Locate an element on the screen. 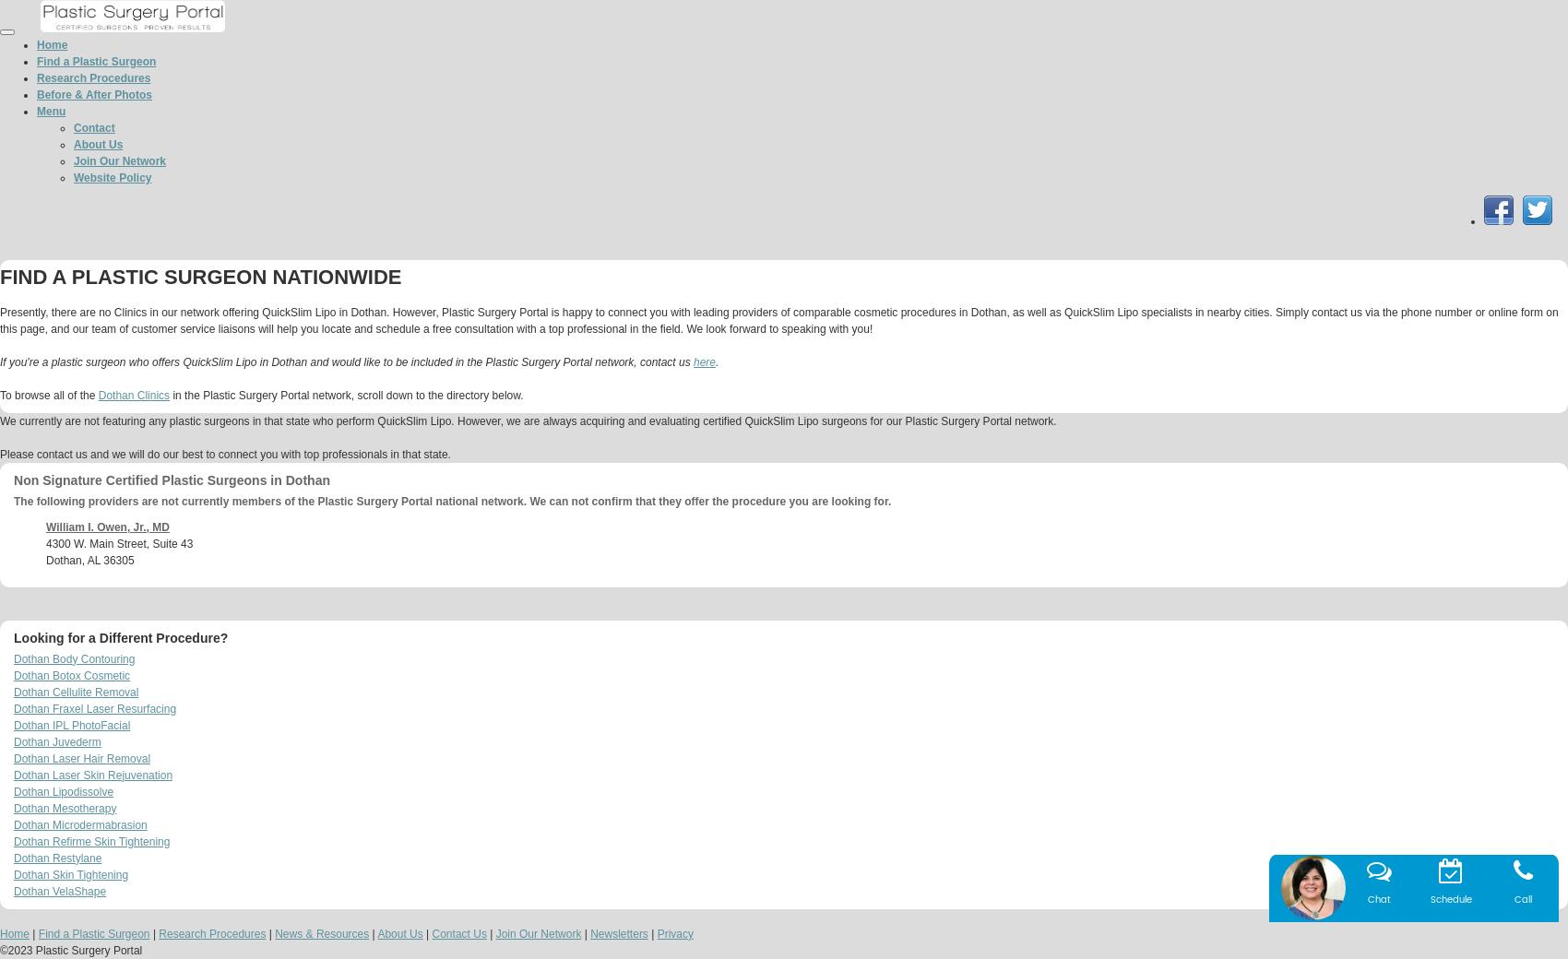  'Dothan IPL PhotoFacial' is located at coordinates (13, 724).